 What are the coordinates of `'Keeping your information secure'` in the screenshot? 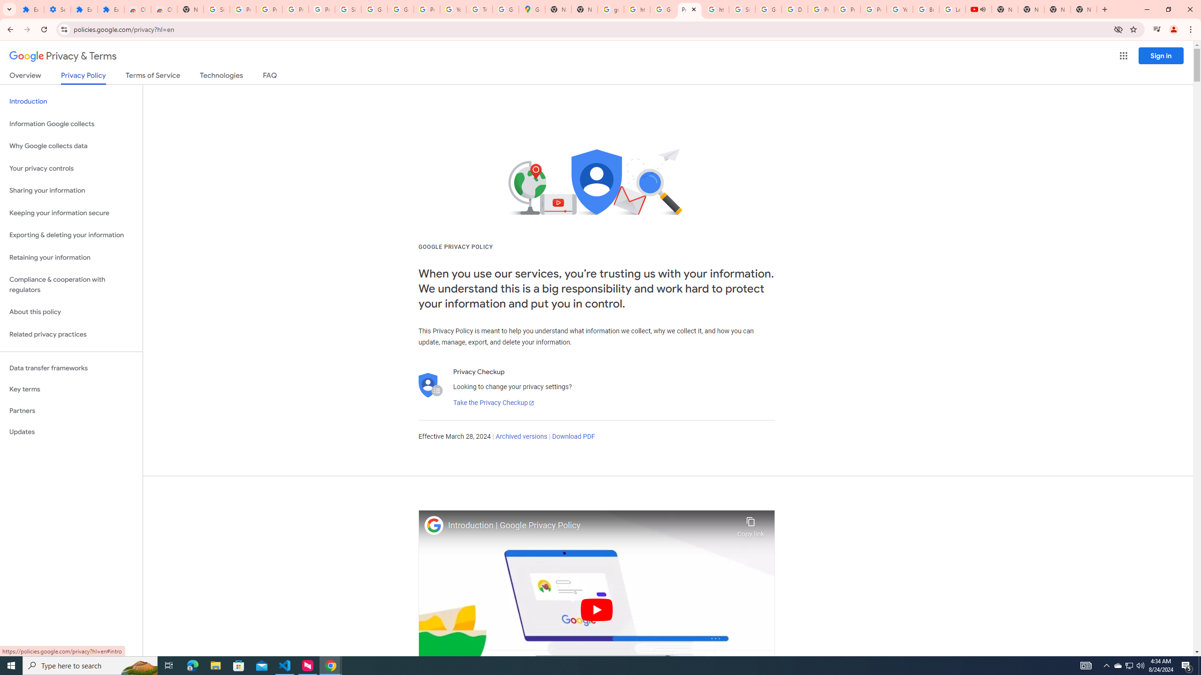 It's located at (71, 213).